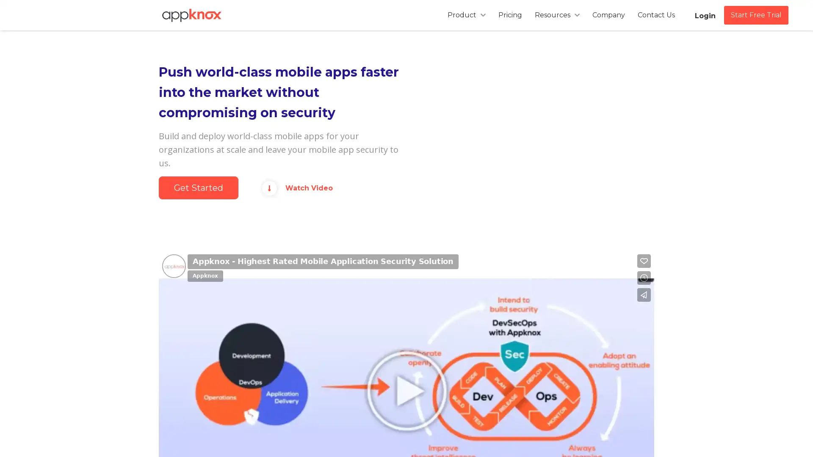 This screenshot has height=457, width=813. Describe the element at coordinates (406, 139) in the screenshot. I see `Watch Appknox Product Demo` at that location.